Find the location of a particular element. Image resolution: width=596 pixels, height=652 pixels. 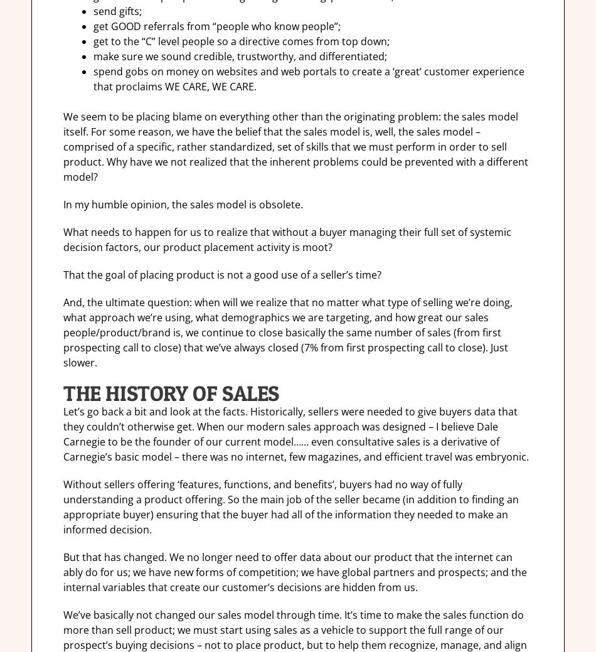

'And, the ultimate question: when will we realize that no matter what type of selling we’re doing, what approach we’re using, what demographics we are targeting, and how great our sales people/product/brand is, we continue to close basically the same number of sales (from first prospecting call to close) that we’ve always closed (7% from first prospecting call to close). Just slower.' is located at coordinates (287, 332).